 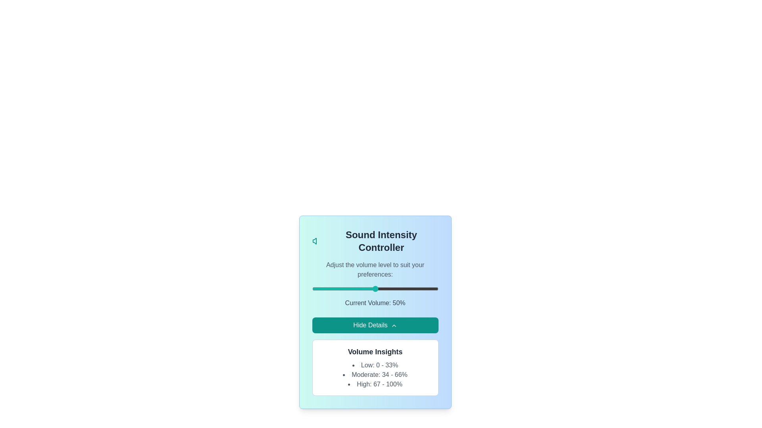 I want to click on 'Hide Details' button to toggle the visibility of the details section, so click(x=375, y=325).